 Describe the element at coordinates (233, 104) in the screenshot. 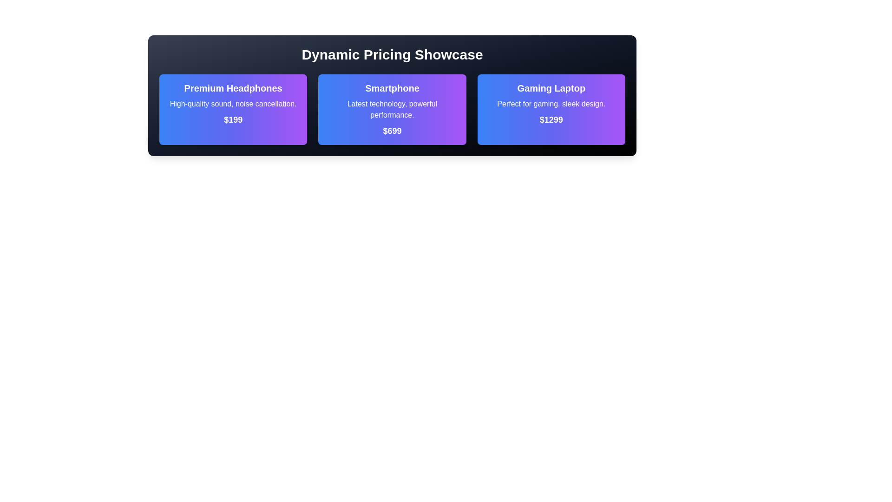

I see `the text element that contains the description 'High-quality sound, noise cancellation.' located in the 'Premium Headphones' section, below the heading 'Premium Headphones' and above the price '$199'` at that location.